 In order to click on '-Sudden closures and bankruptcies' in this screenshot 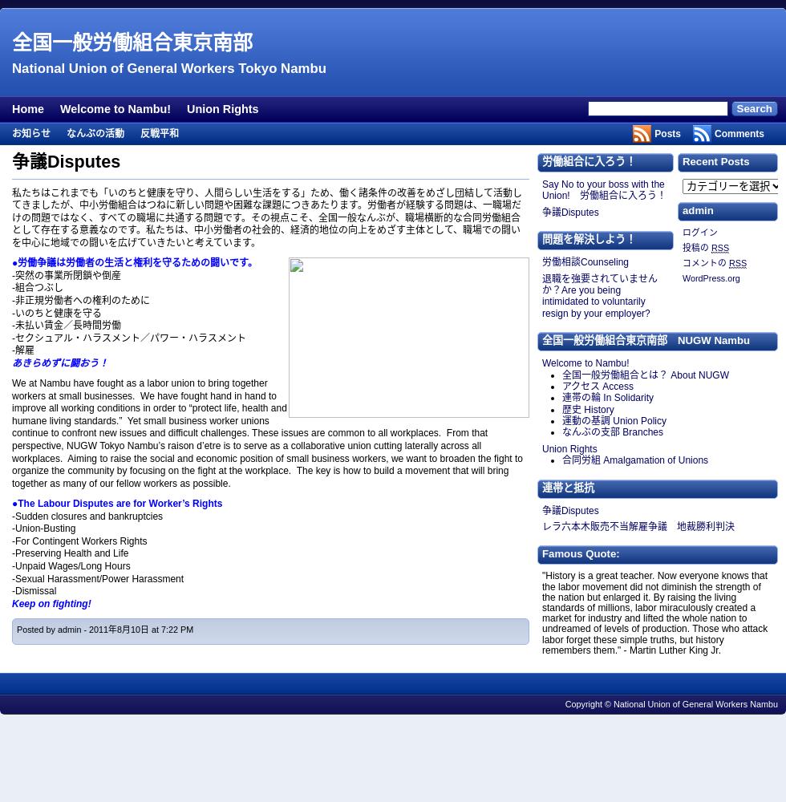, I will do `click(87, 516)`.